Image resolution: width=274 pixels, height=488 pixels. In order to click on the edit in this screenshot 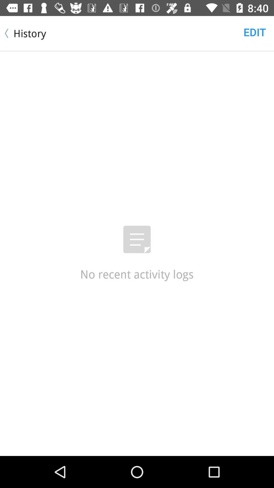, I will do `click(255, 32)`.